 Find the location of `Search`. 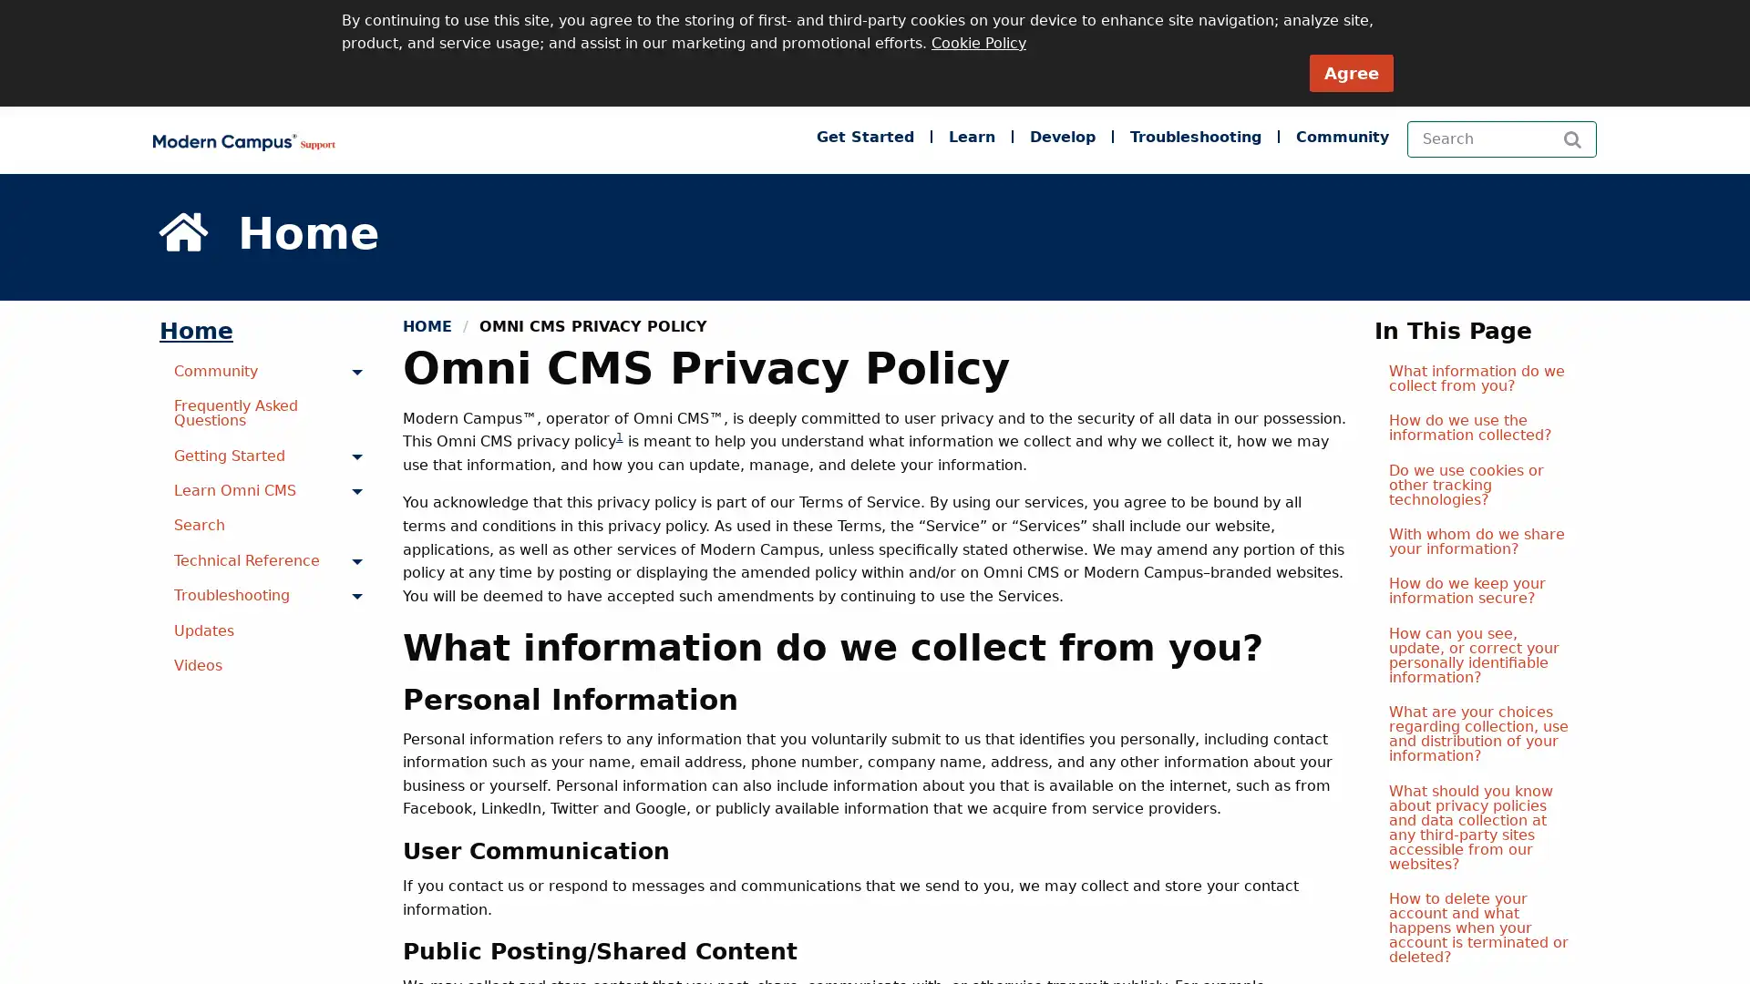

Search is located at coordinates (1571, 137).